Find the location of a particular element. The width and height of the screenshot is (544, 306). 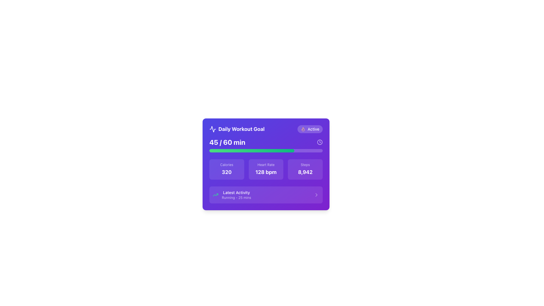

the Informational display card displaying the number '8,942' in bold white font, located as the rightmost item in a row of three containers is located at coordinates (305, 169).